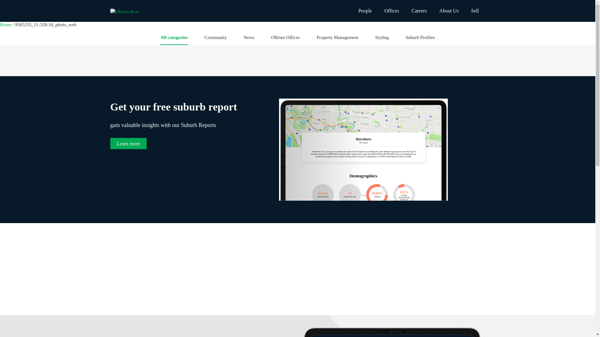 The width and height of the screenshot is (600, 337). Describe the element at coordinates (160, 39) in the screenshot. I see `'All categories'` at that location.